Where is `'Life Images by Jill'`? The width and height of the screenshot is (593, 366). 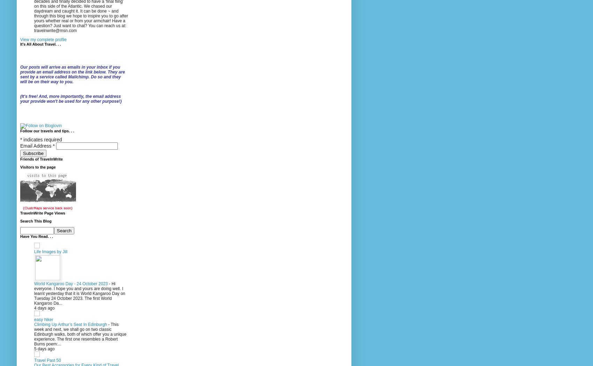
'Life Images by Jill' is located at coordinates (50, 251).